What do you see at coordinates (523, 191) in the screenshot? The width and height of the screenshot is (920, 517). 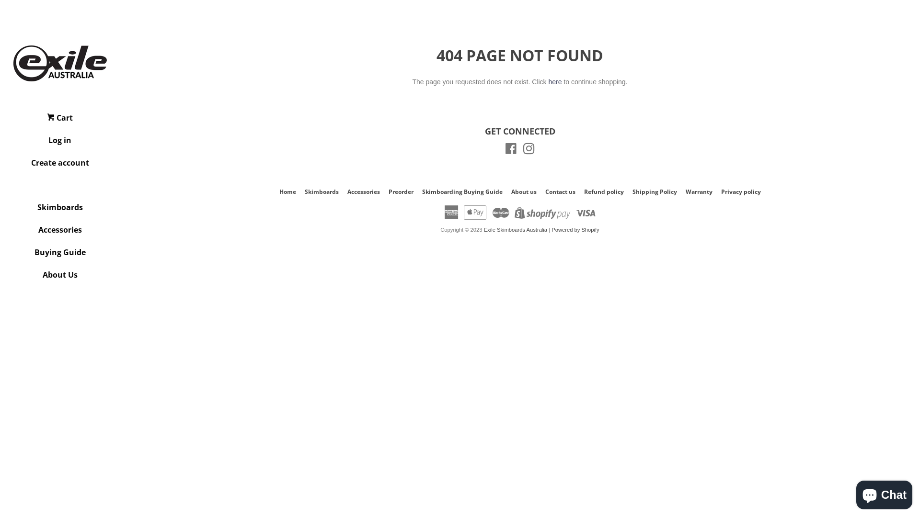 I see `'About us'` at bounding box center [523, 191].